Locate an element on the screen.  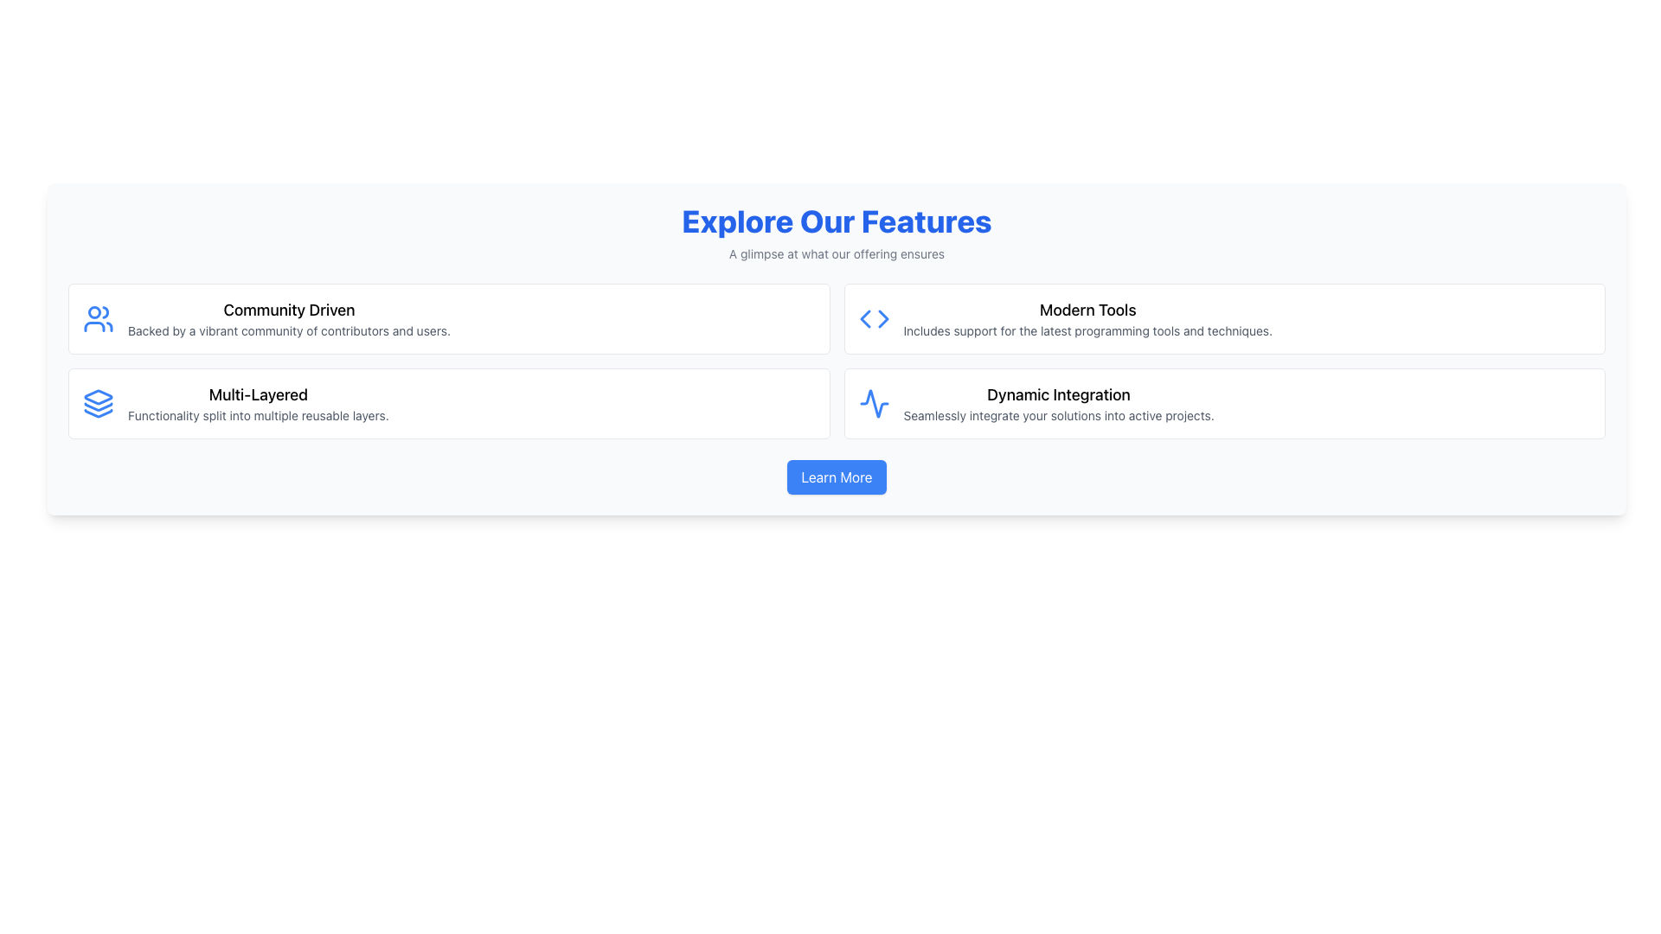
the small circular graphical component within the SVG illustration located on the left side of the 'Community Driven' section of the feature presentation is located at coordinates (93, 312).